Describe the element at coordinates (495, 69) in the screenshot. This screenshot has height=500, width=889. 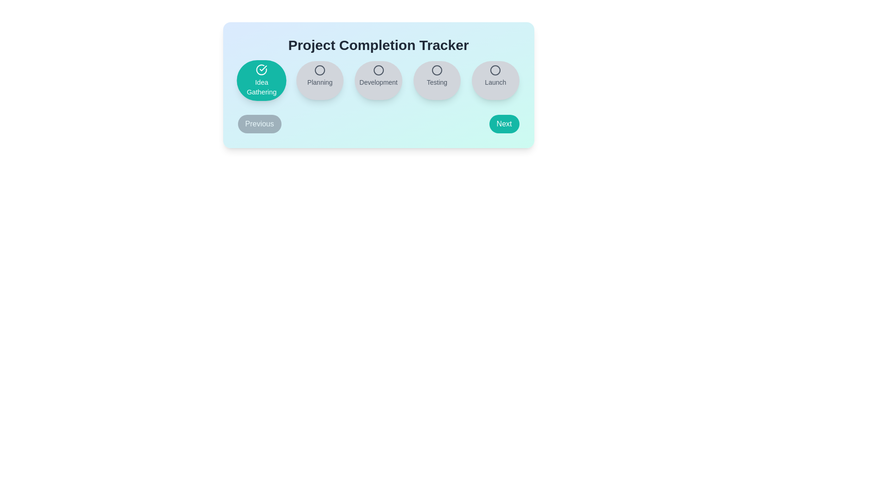
I see `the small circular icon with a double-ring design located in the center of the 'Launch' step within the progress tracker` at that location.